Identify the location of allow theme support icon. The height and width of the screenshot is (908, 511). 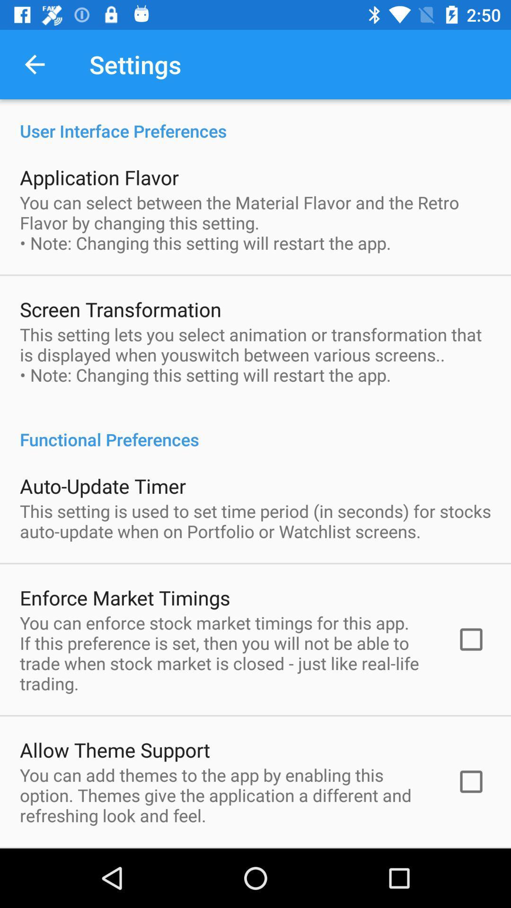
(115, 749).